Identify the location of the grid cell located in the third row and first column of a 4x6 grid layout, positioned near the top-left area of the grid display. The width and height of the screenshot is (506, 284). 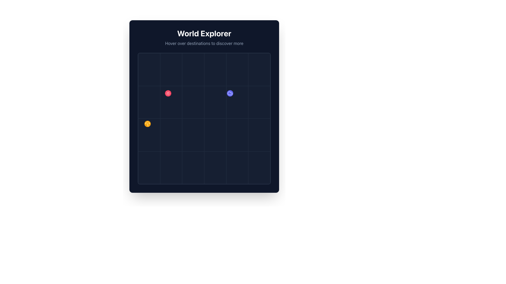
(149, 135).